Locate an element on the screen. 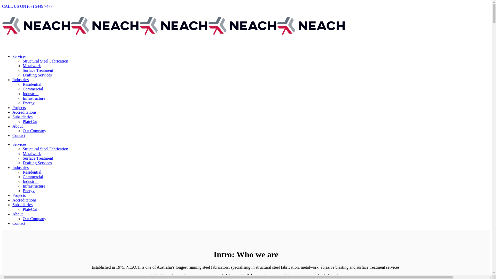  'Subsidiaries' is located at coordinates (22, 117).